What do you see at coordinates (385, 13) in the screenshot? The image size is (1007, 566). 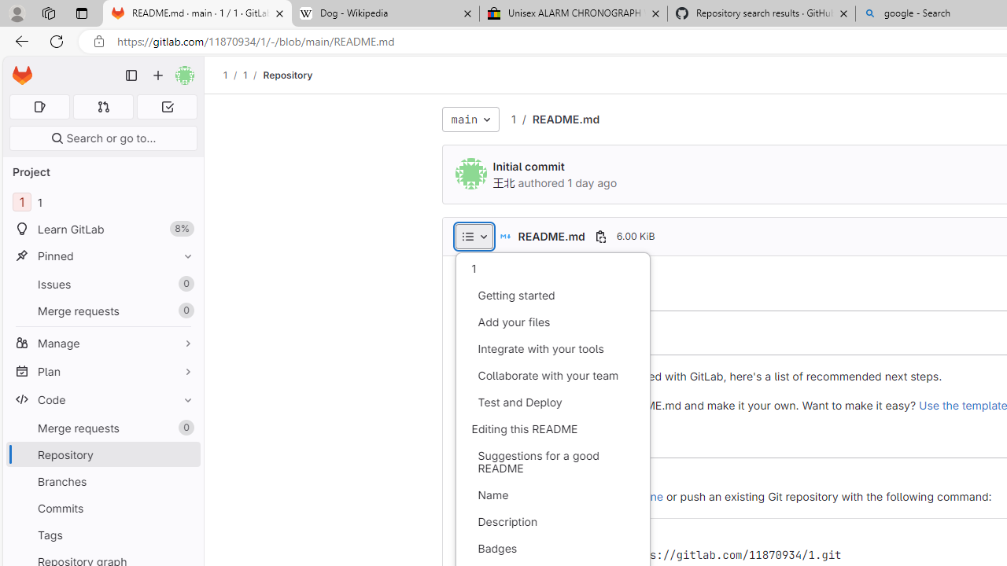 I see `'Dog - Wikipedia'` at bounding box center [385, 13].